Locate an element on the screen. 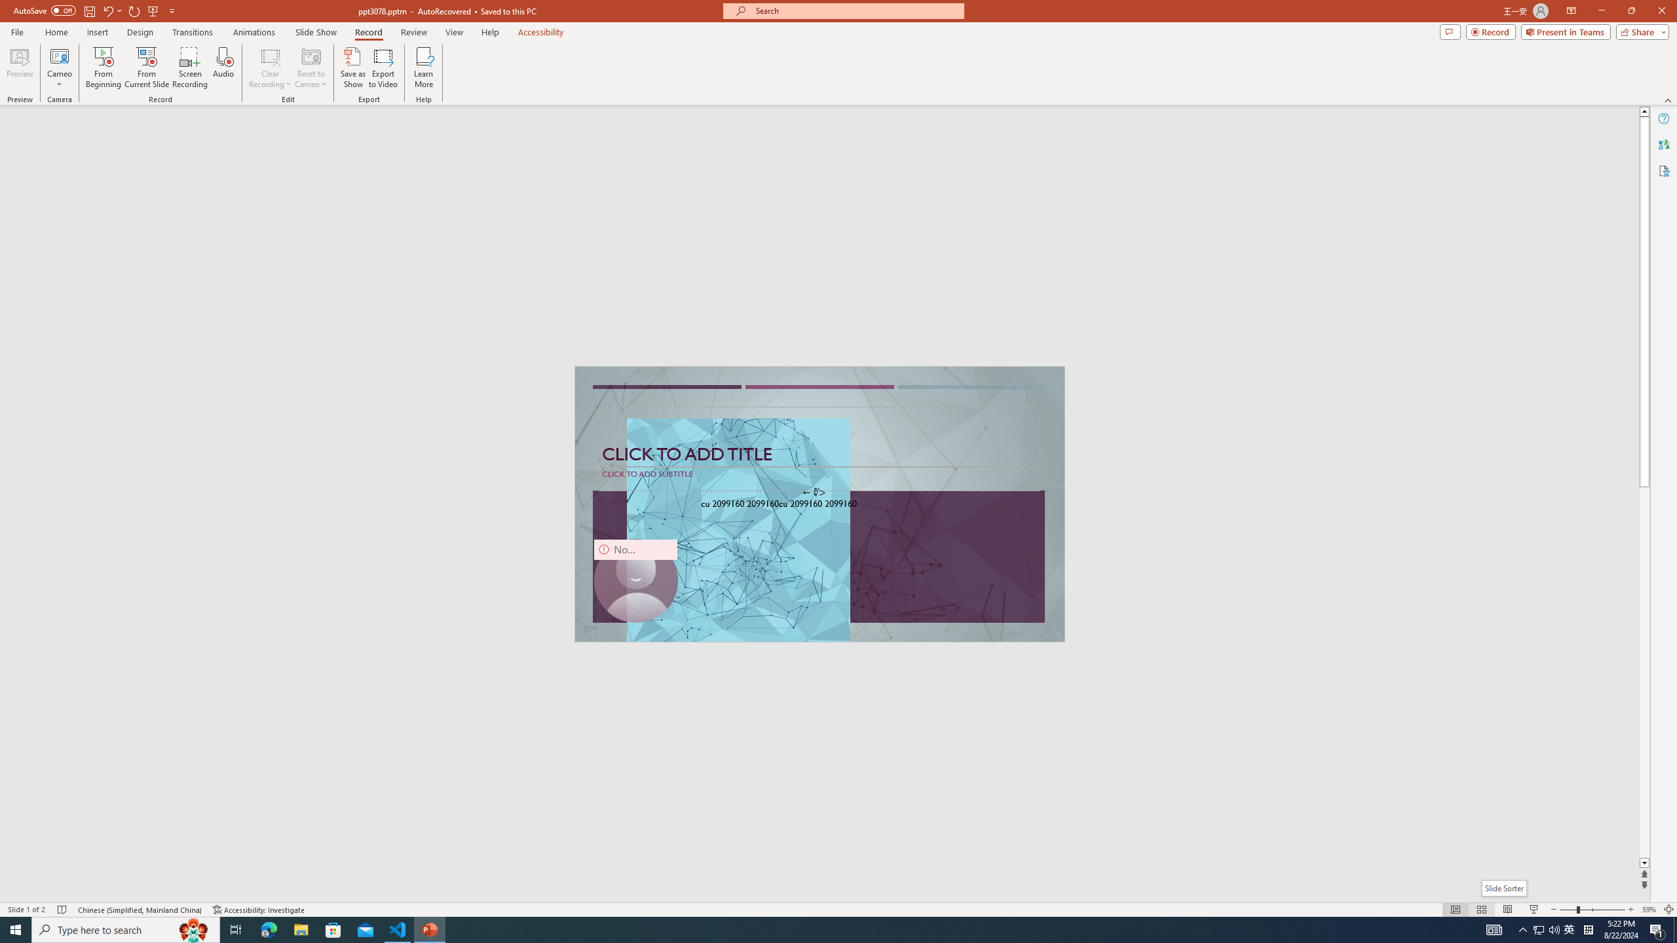  'Problems (Ctrl+Shift+M)' is located at coordinates (372, 614).